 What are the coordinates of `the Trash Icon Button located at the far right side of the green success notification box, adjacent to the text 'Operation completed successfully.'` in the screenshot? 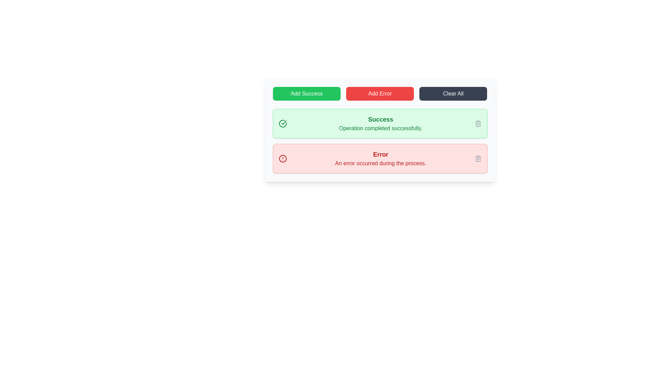 It's located at (477, 123).